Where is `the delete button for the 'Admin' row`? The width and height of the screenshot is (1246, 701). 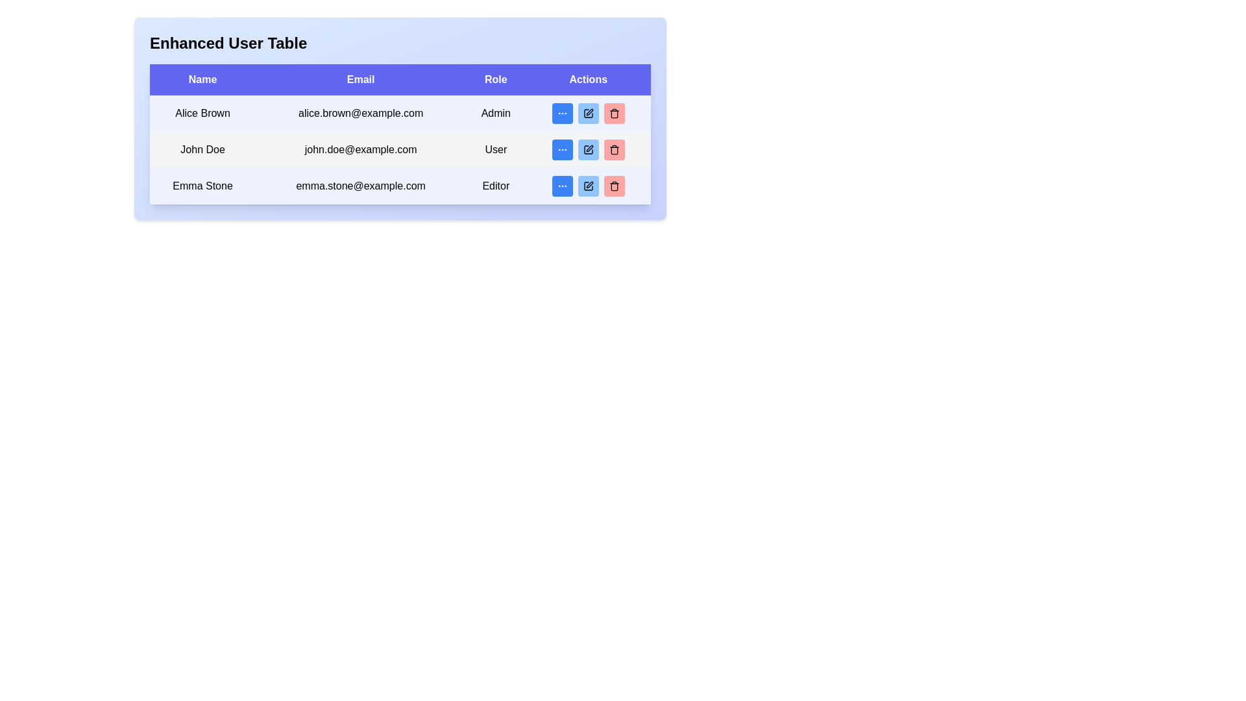 the delete button for the 'Admin' row is located at coordinates (613, 112).